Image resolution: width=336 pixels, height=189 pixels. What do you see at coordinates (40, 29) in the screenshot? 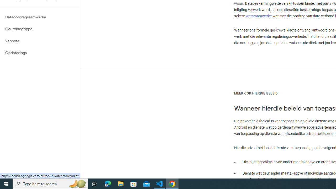
I see `'Sleutelbegrippe'` at bounding box center [40, 29].